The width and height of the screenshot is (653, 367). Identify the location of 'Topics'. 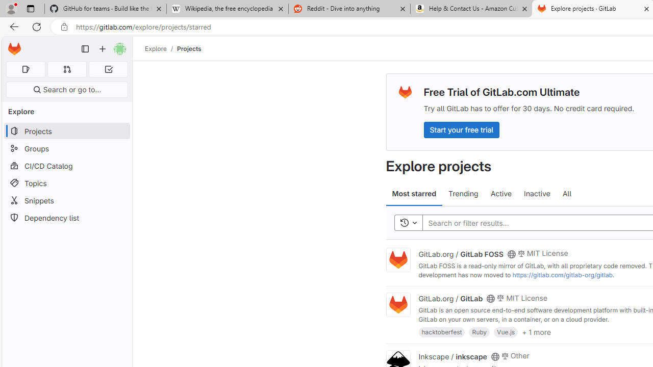
(66, 182).